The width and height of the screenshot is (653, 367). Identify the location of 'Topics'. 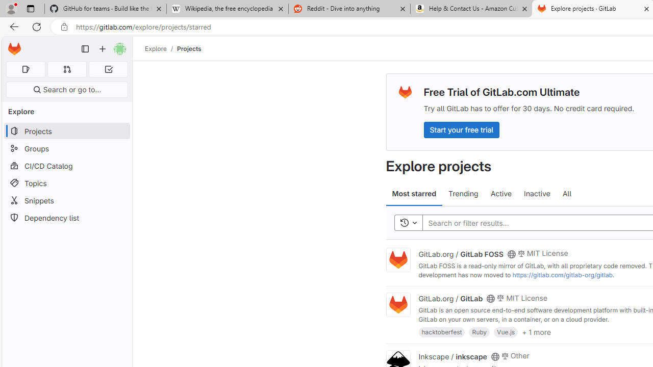
(66, 182).